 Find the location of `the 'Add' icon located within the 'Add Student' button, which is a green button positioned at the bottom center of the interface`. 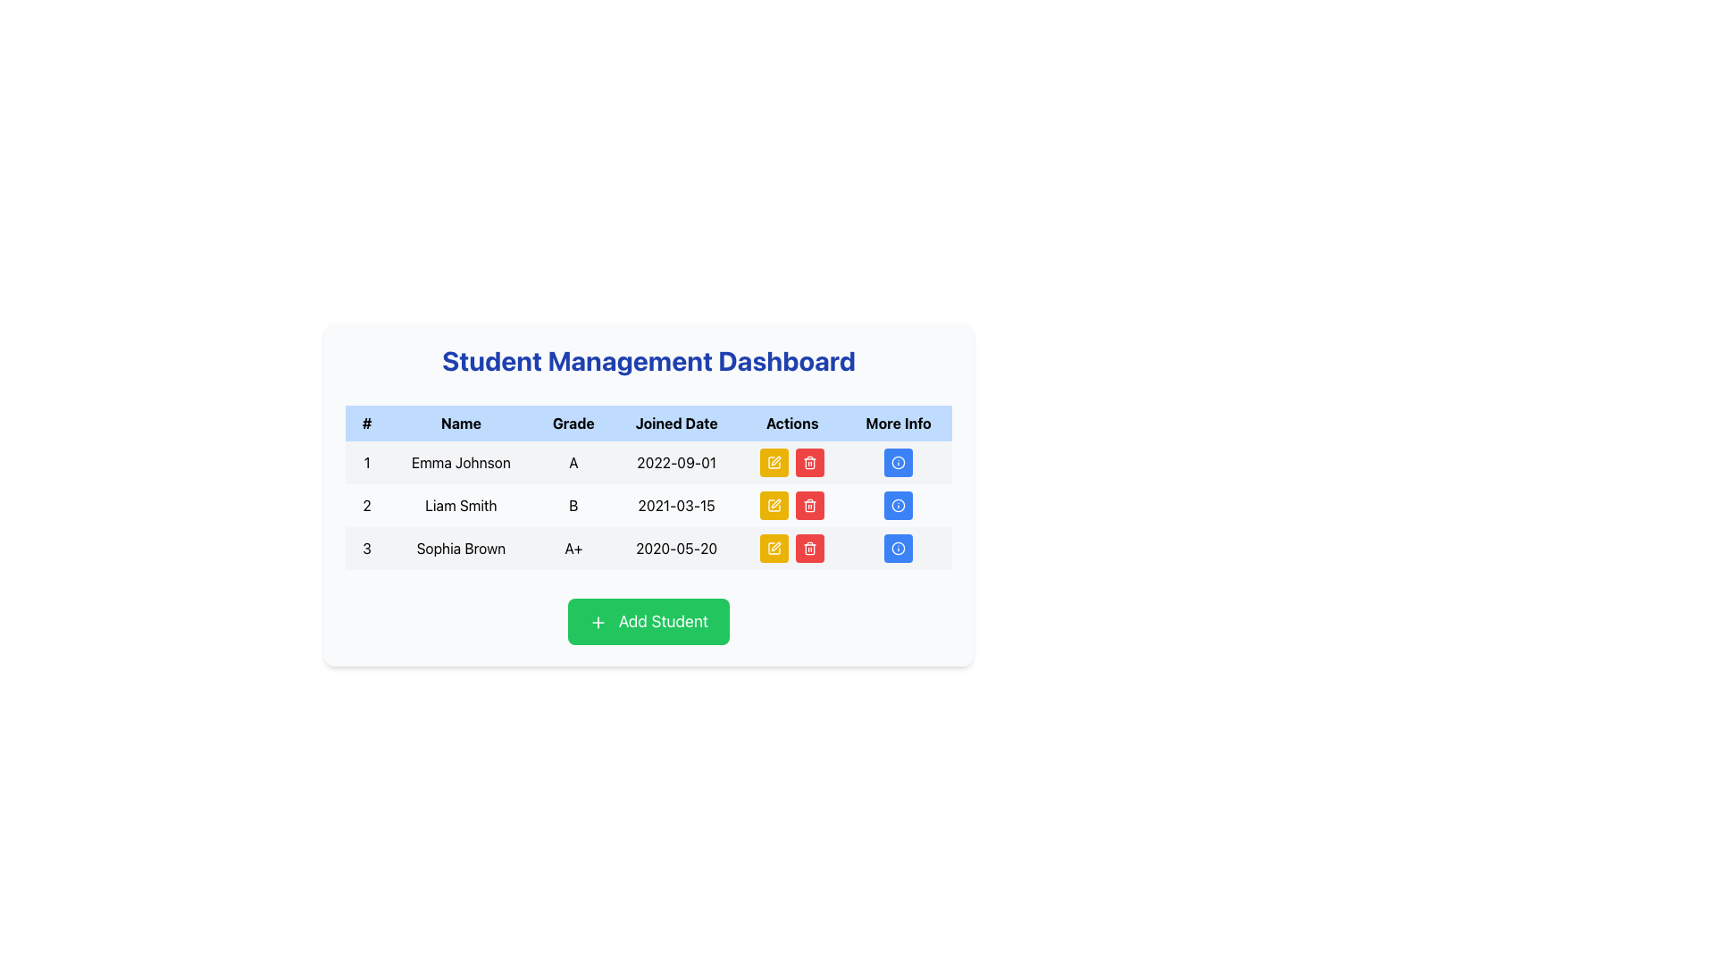

the 'Add' icon located within the 'Add Student' button, which is a green button positioned at the bottom center of the interface is located at coordinates (598, 622).